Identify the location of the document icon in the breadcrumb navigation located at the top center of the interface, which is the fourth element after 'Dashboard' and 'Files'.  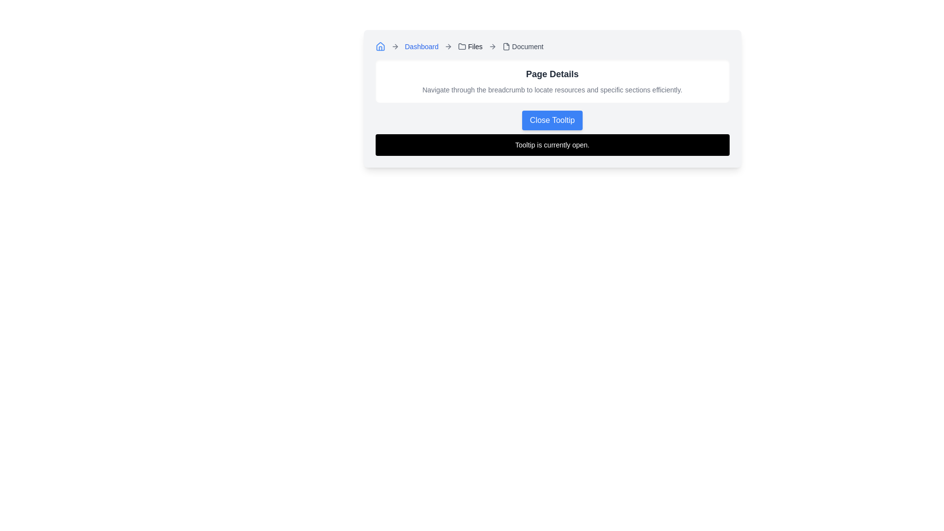
(506, 47).